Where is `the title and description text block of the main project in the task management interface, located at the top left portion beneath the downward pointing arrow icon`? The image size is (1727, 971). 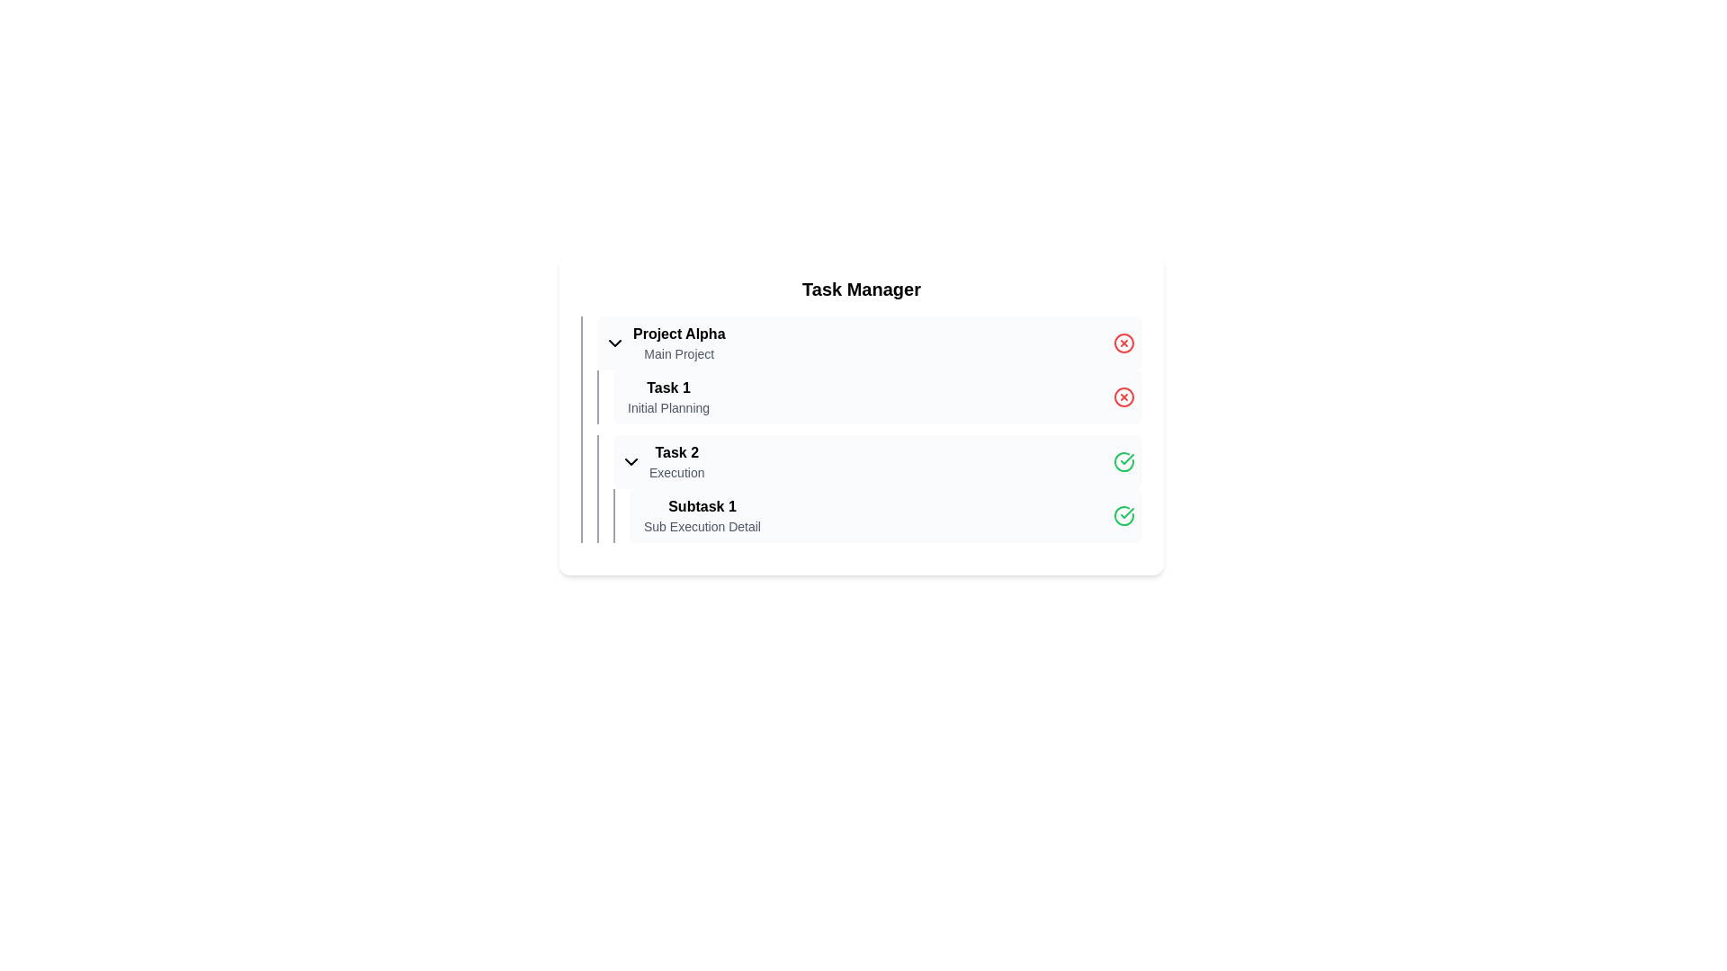 the title and description text block of the main project in the task management interface, located at the top left portion beneath the downward pointing arrow icon is located at coordinates (678, 343).